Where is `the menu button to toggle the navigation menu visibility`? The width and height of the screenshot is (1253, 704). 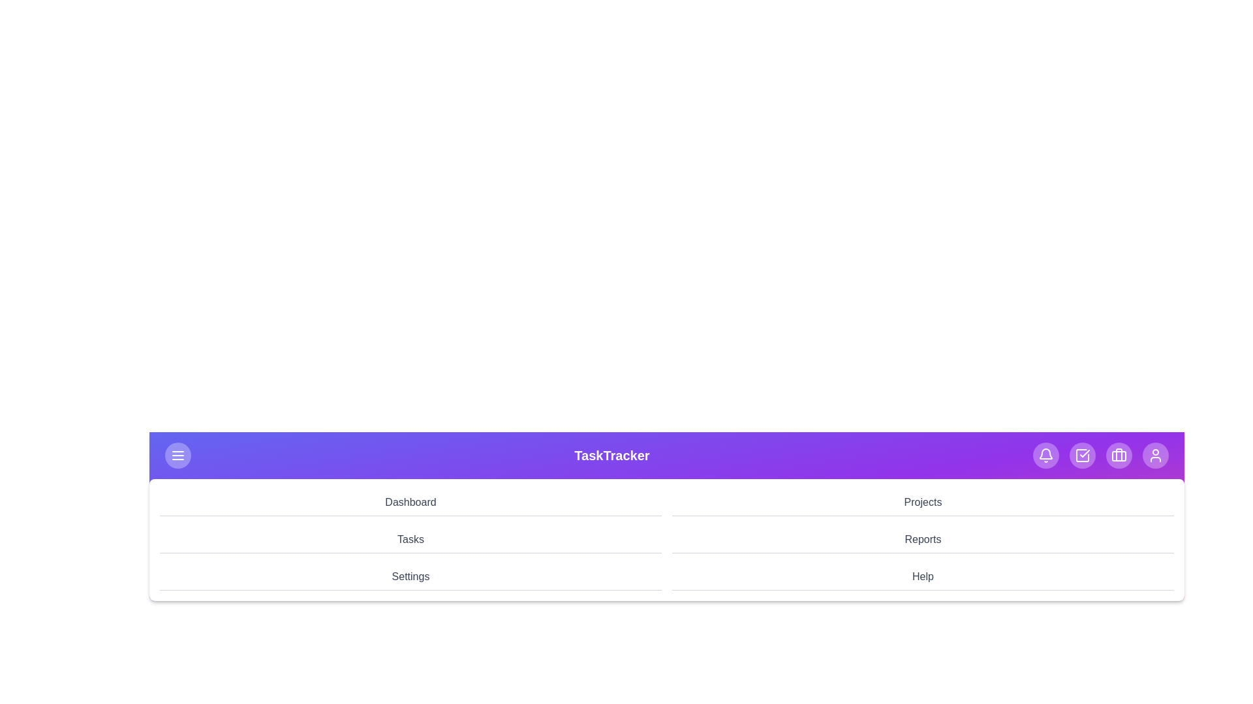 the menu button to toggle the navigation menu visibility is located at coordinates (178, 454).